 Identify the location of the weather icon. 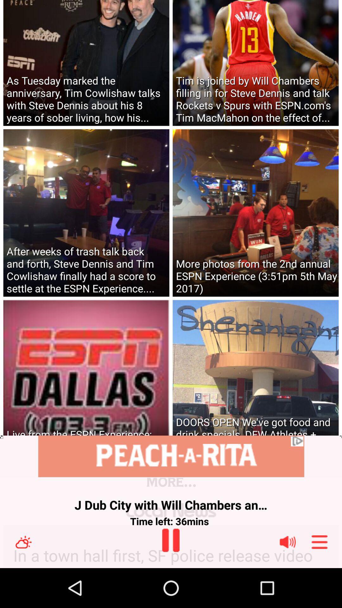
(23, 580).